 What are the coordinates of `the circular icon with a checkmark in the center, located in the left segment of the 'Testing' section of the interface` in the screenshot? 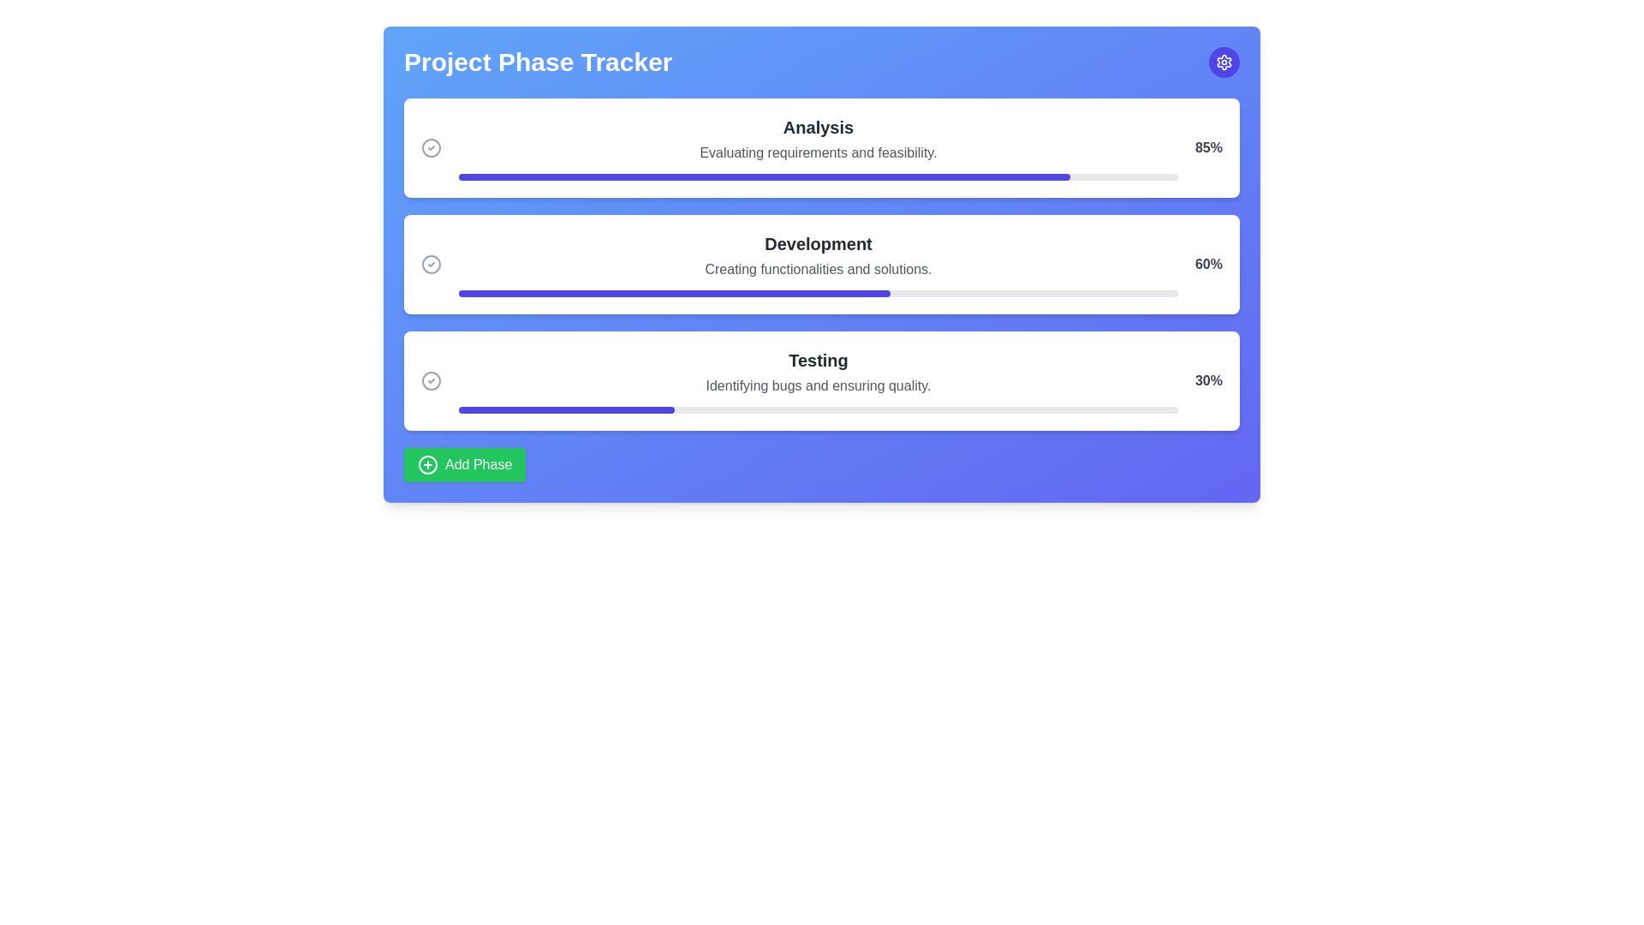 It's located at (432, 379).